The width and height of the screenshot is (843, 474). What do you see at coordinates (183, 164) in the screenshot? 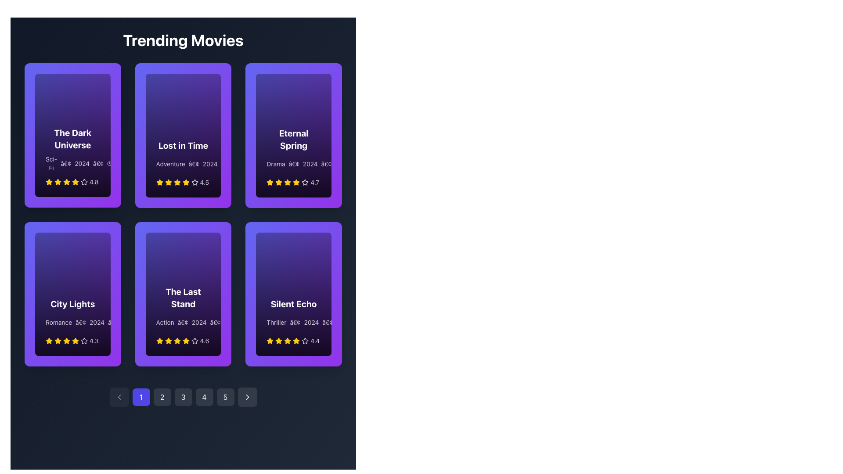
I see `the label that provides details about the movie 'Lost in Time', which is positioned below the title and above the rating stars` at bounding box center [183, 164].